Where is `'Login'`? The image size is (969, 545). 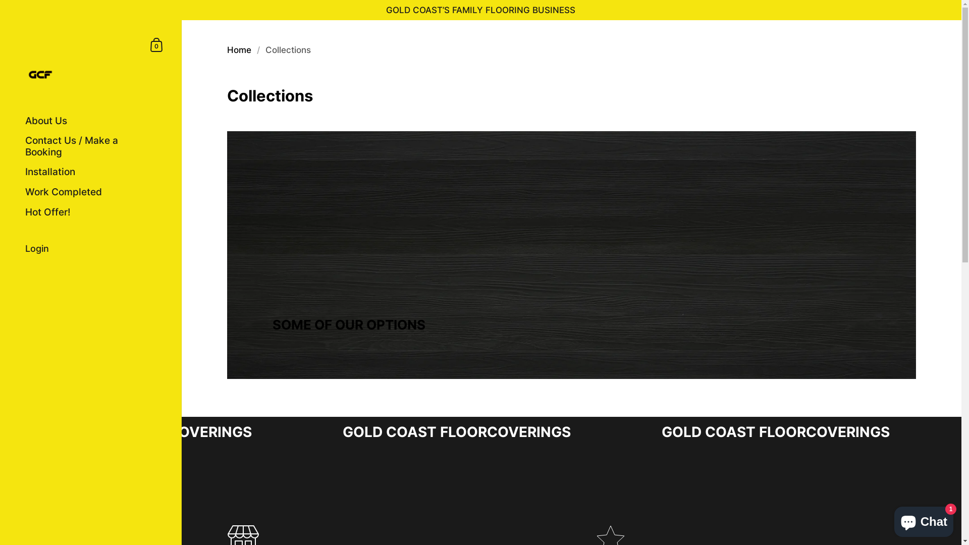
'Login' is located at coordinates (90, 249).